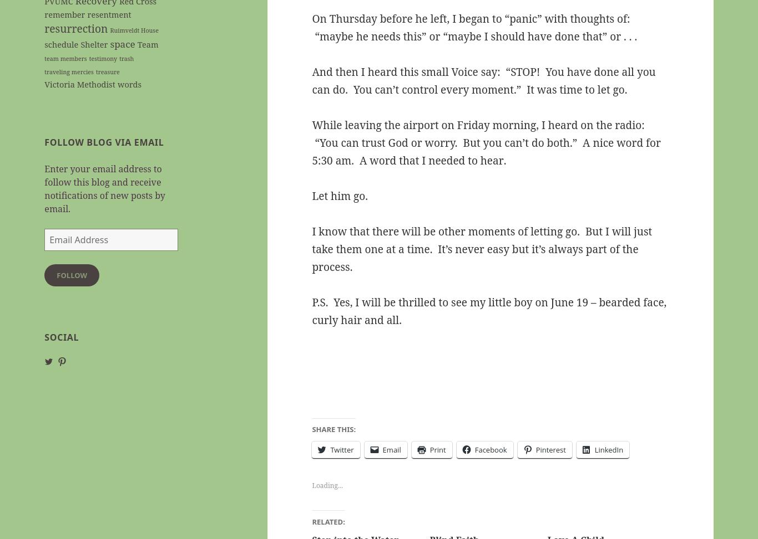 The width and height of the screenshot is (758, 539). Describe the element at coordinates (61, 43) in the screenshot. I see `'schedule'` at that location.